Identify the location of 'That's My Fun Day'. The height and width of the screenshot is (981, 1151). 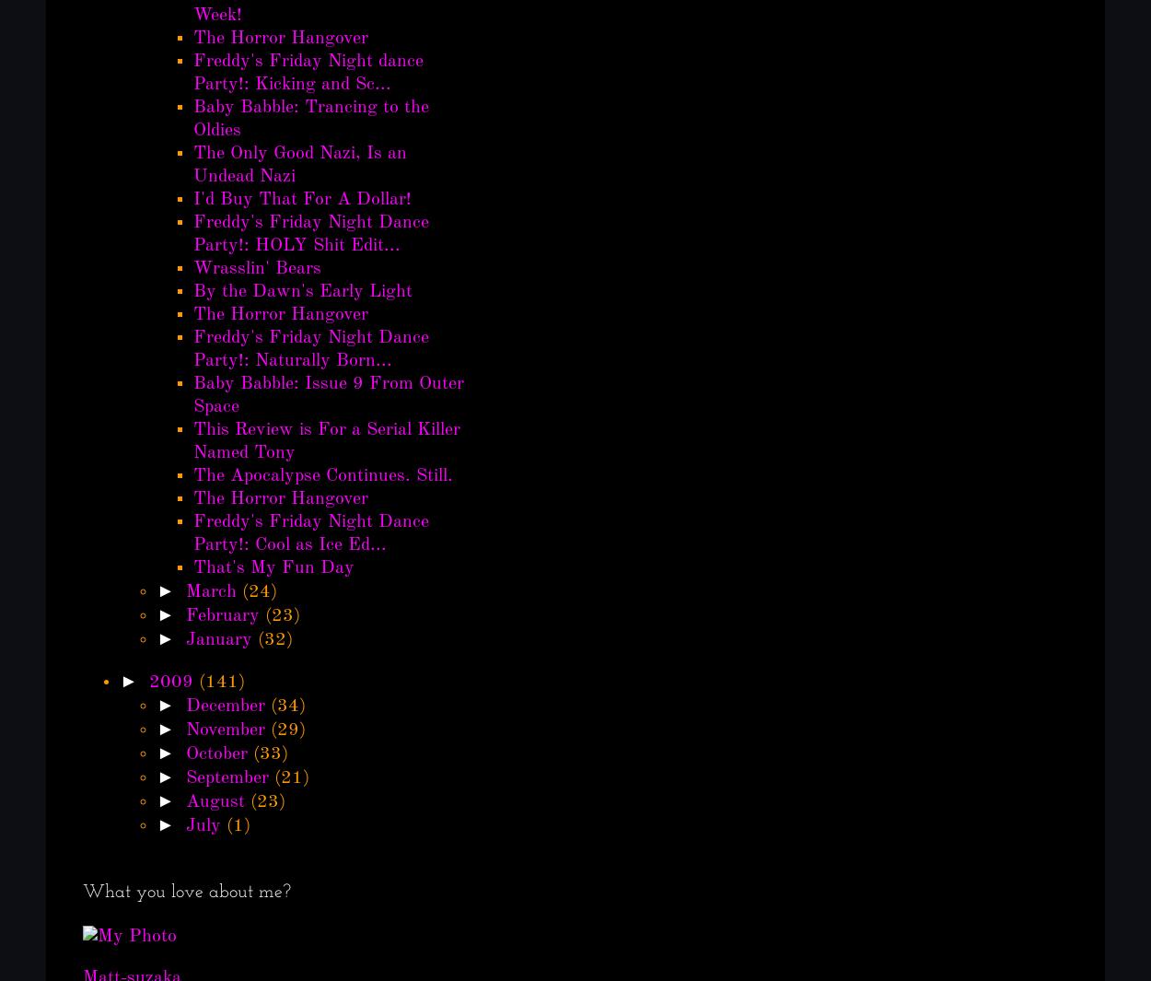
(273, 567).